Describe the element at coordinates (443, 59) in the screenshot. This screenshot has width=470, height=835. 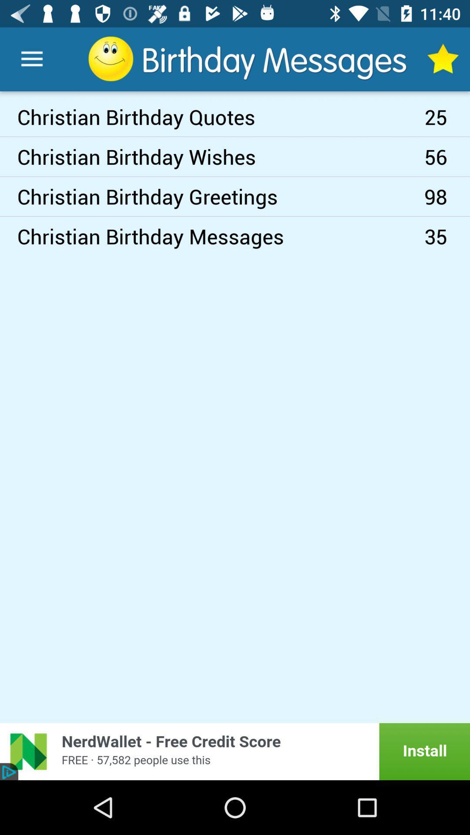
I see `the star icon which is above 25` at that location.